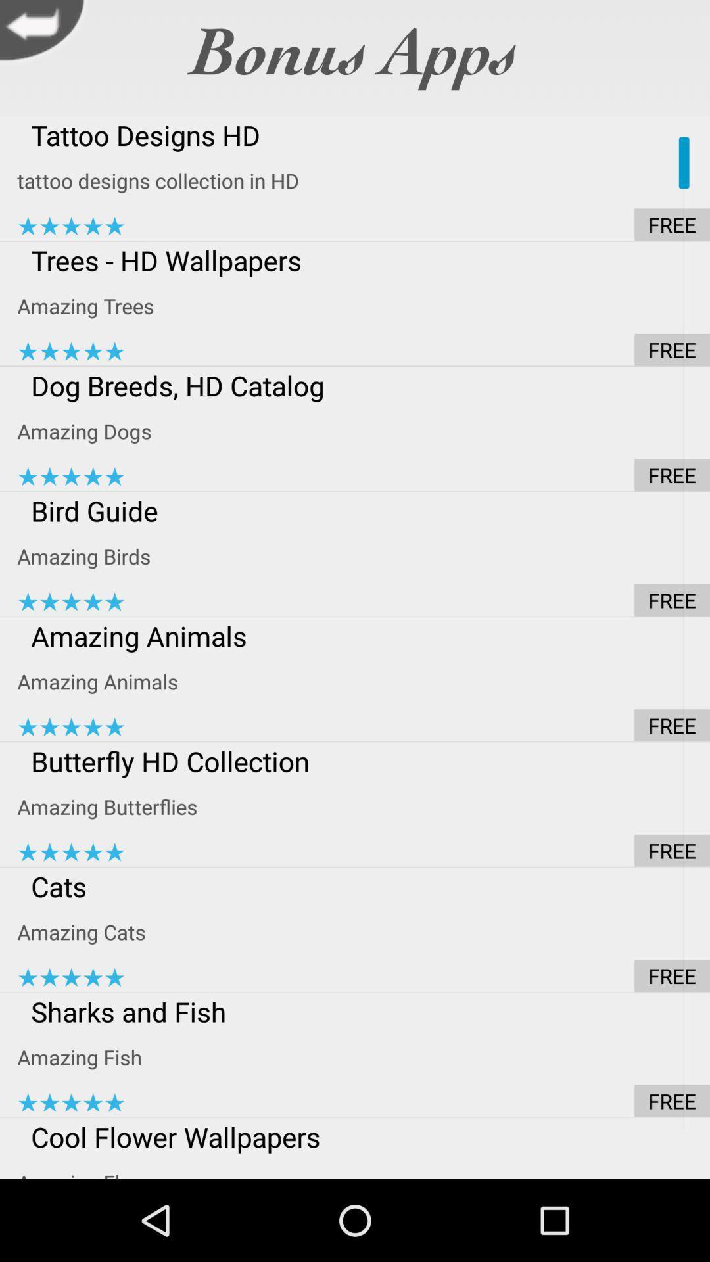 Image resolution: width=710 pixels, height=1262 pixels. I want to click on the app above the amazing trees, so click(364, 260).